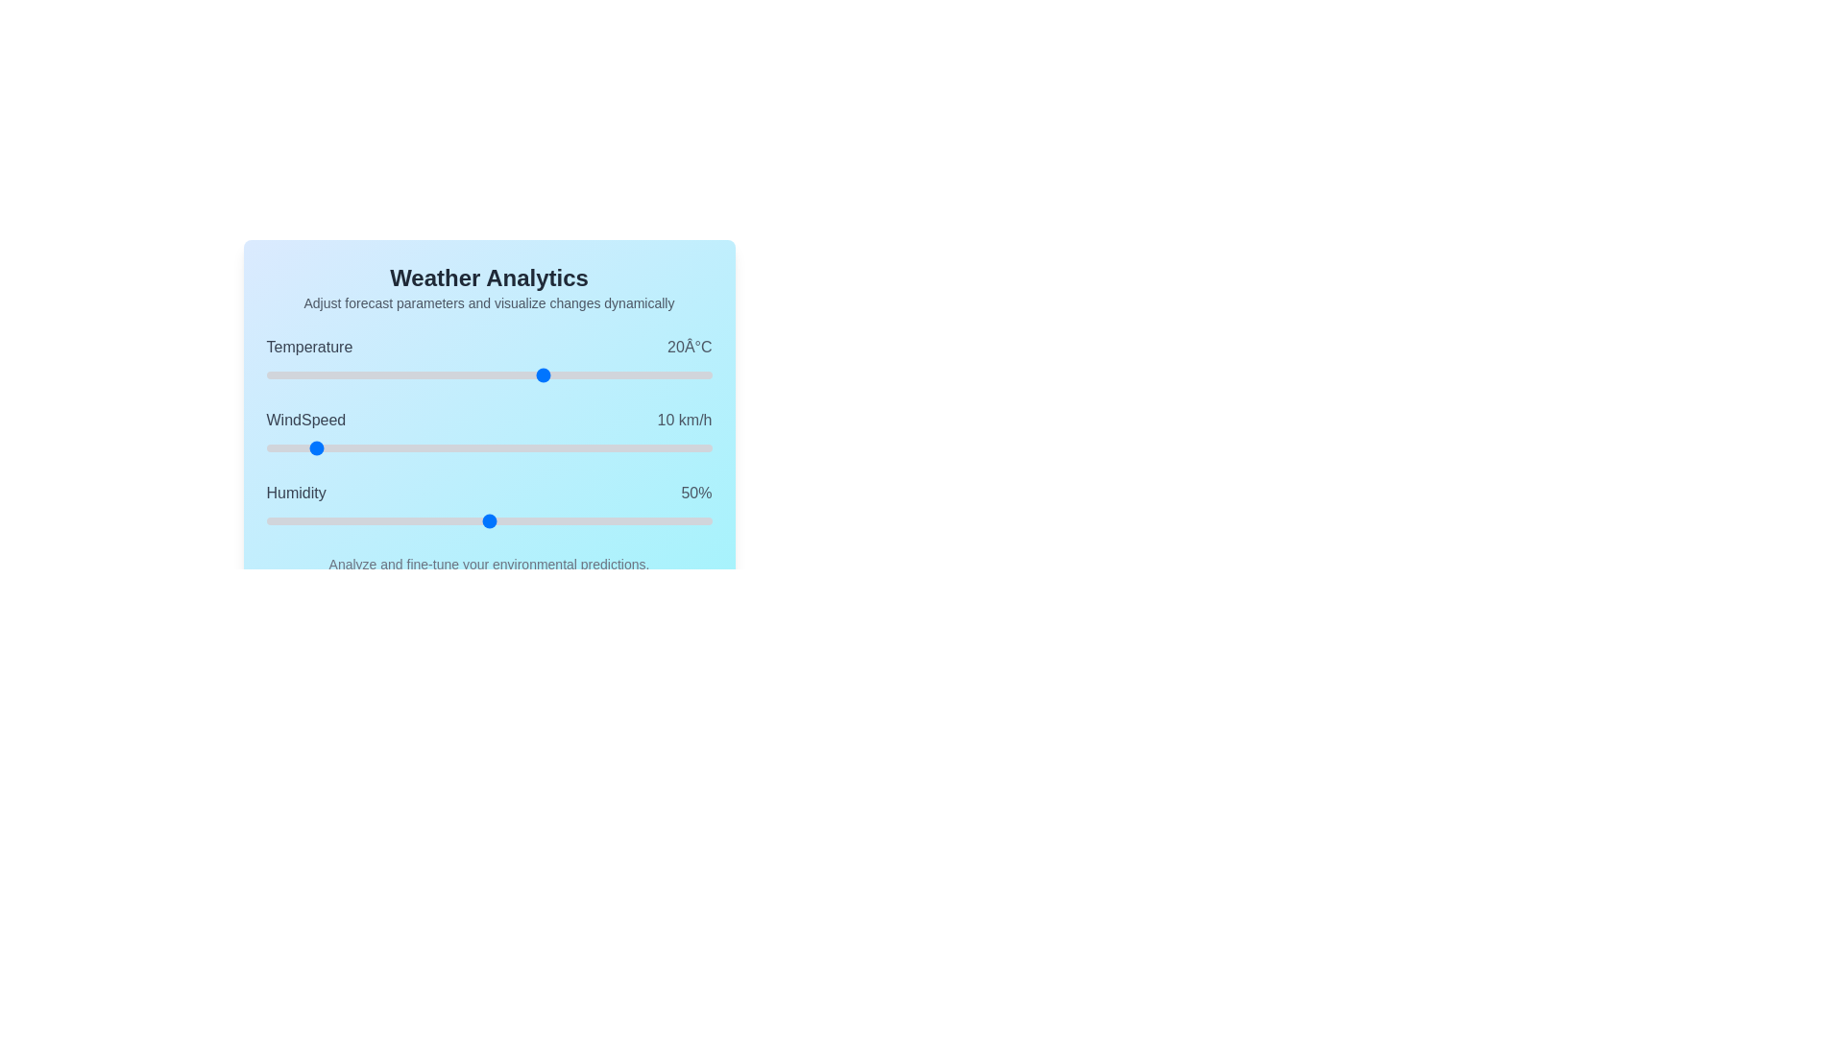 The image size is (1844, 1037). I want to click on the WindSpeed slider to 34 km/h, so click(417, 447).